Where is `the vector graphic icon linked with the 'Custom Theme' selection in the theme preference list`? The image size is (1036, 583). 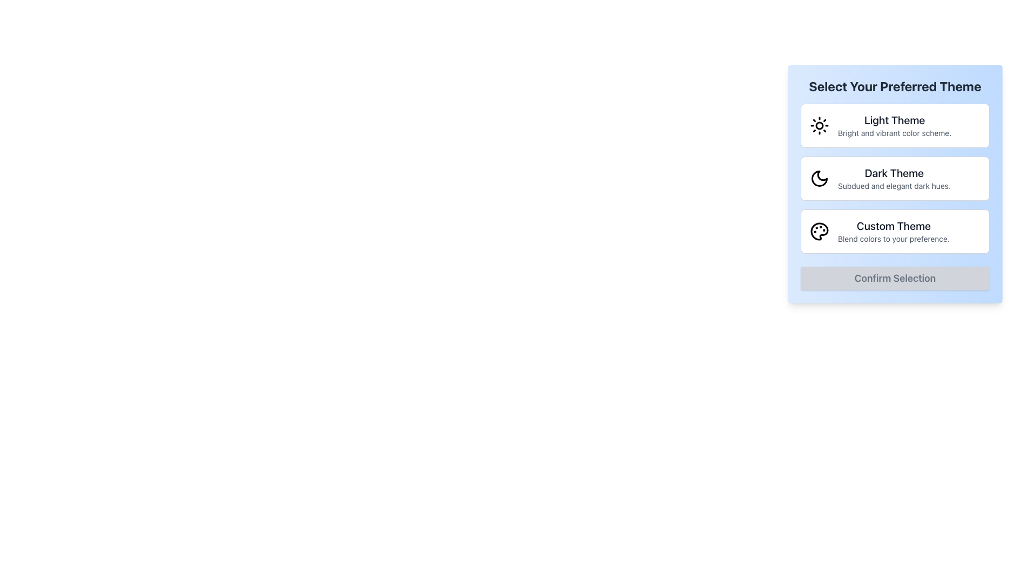 the vector graphic icon linked with the 'Custom Theme' selection in the theme preference list is located at coordinates (819, 231).